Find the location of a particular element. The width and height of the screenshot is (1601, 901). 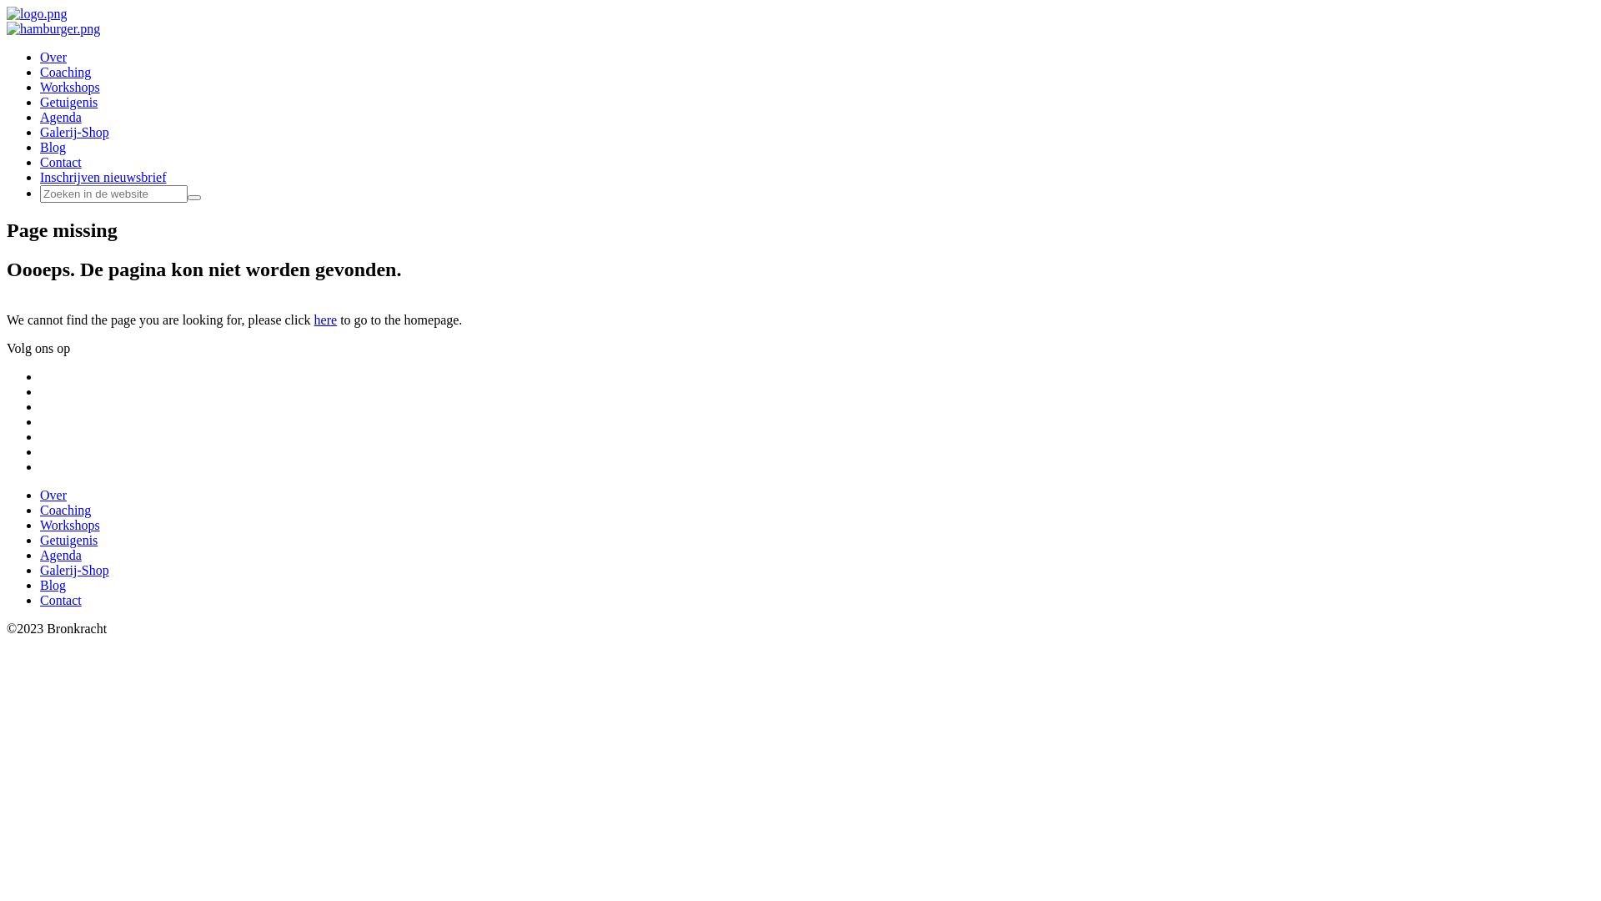

'Getuigenis' is located at coordinates (68, 540).